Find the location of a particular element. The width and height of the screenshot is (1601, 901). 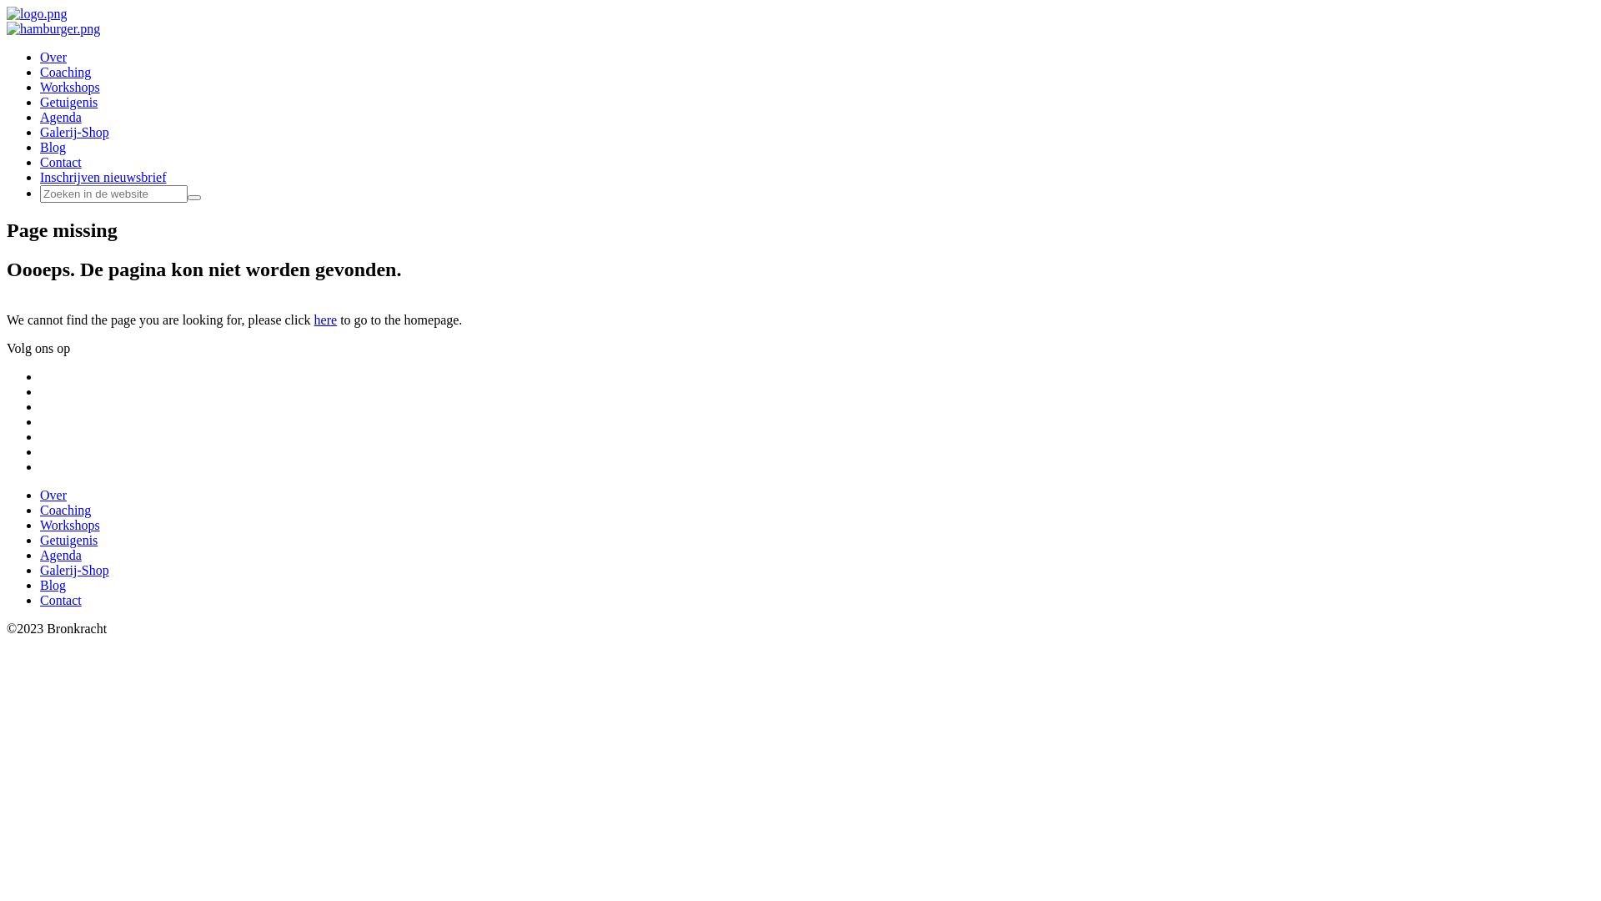

'Getuigenis' is located at coordinates (68, 540).